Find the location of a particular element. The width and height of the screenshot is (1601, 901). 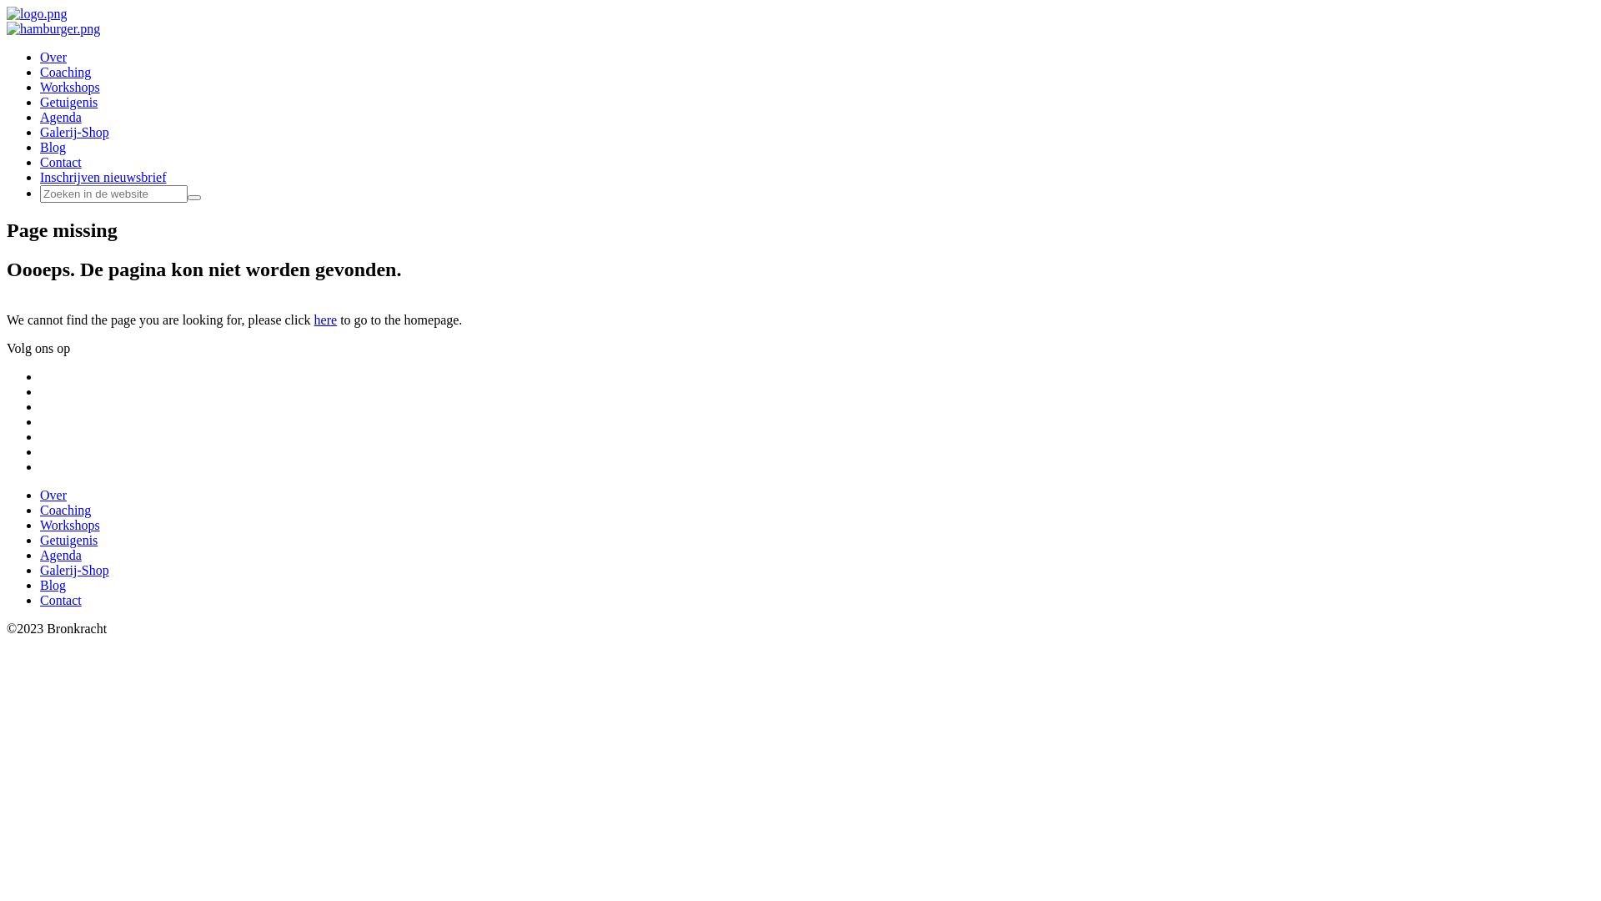

'Getuigenis' is located at coordinates (68, 540).